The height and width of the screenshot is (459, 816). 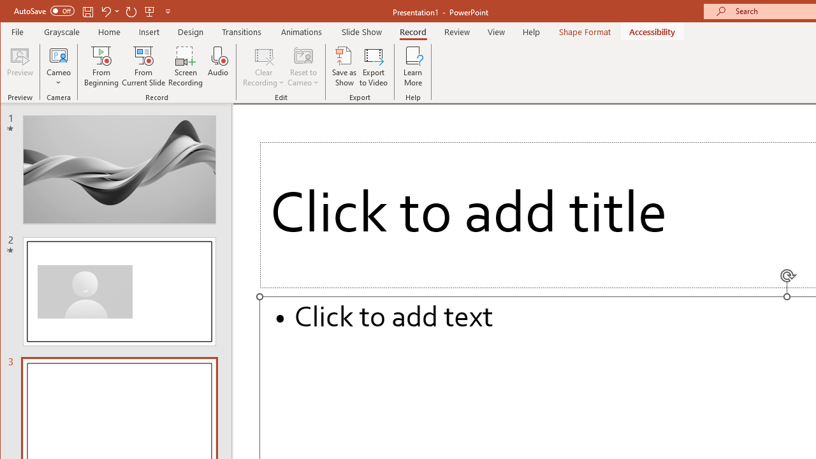 I want to click on 'Reset to Cameo', so click(x=303, y=66).